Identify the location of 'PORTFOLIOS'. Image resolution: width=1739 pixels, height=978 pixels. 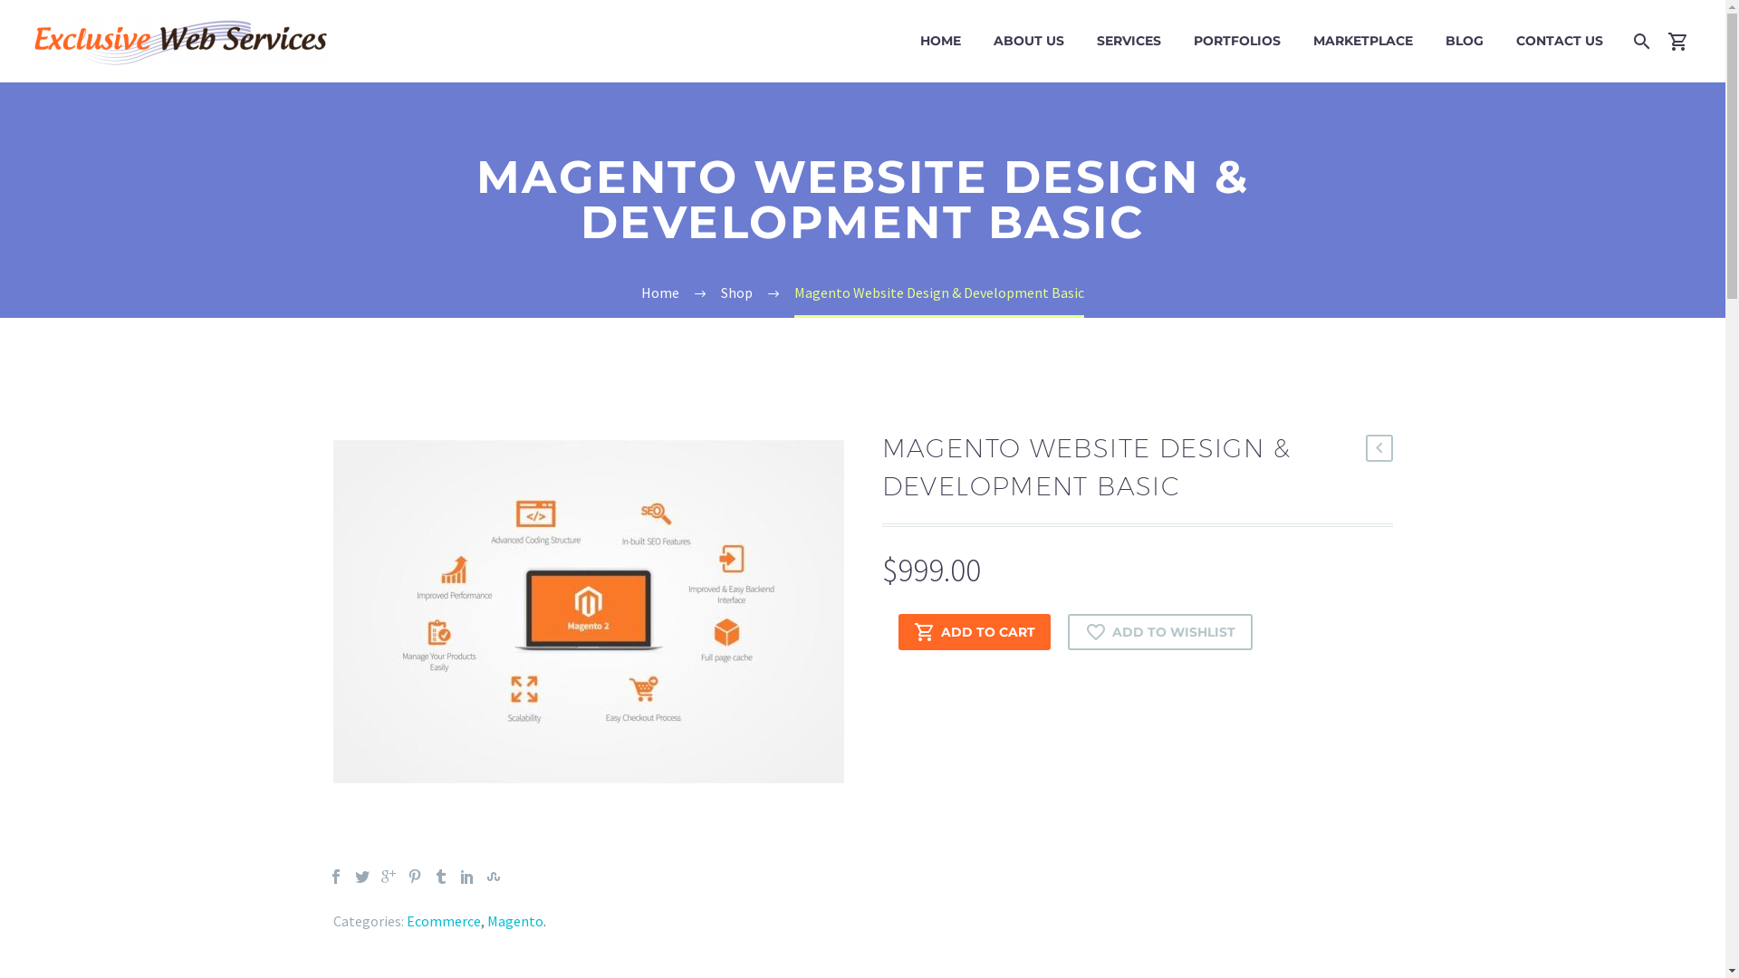
(1236, 41).